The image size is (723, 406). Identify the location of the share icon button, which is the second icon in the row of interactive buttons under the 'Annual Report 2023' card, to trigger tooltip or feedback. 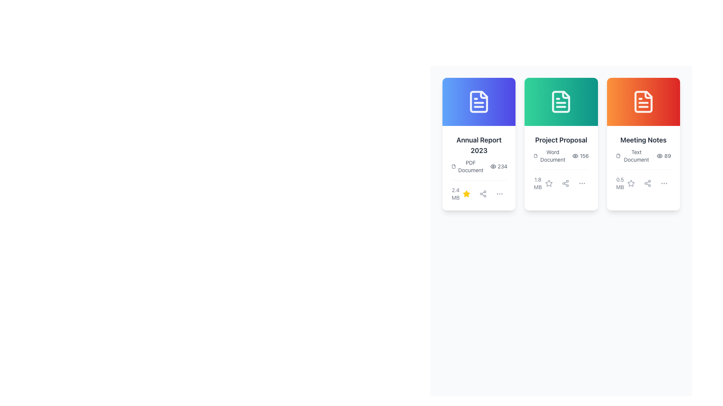
(483, 194).